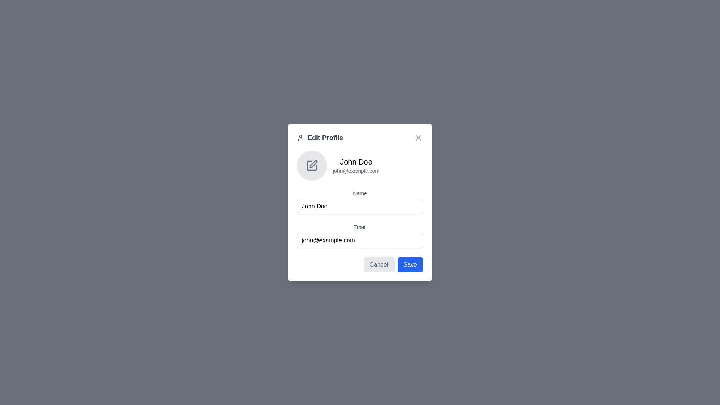  I want to click on the email input field located within the 'Edit Profile' form section to focus on it, so click(360, 240).